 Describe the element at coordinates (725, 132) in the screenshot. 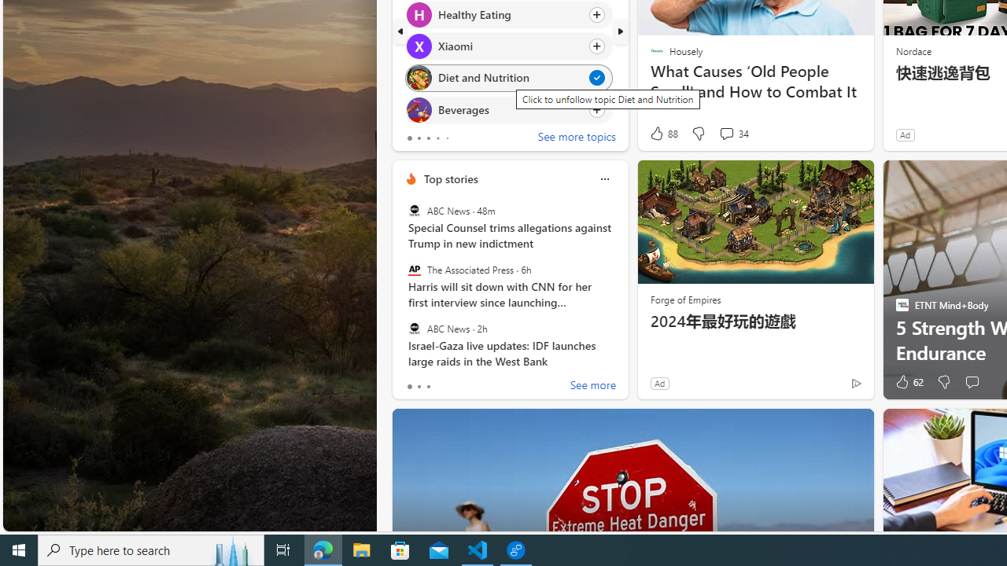

I see `'View comments 34 Comment'` at that location.